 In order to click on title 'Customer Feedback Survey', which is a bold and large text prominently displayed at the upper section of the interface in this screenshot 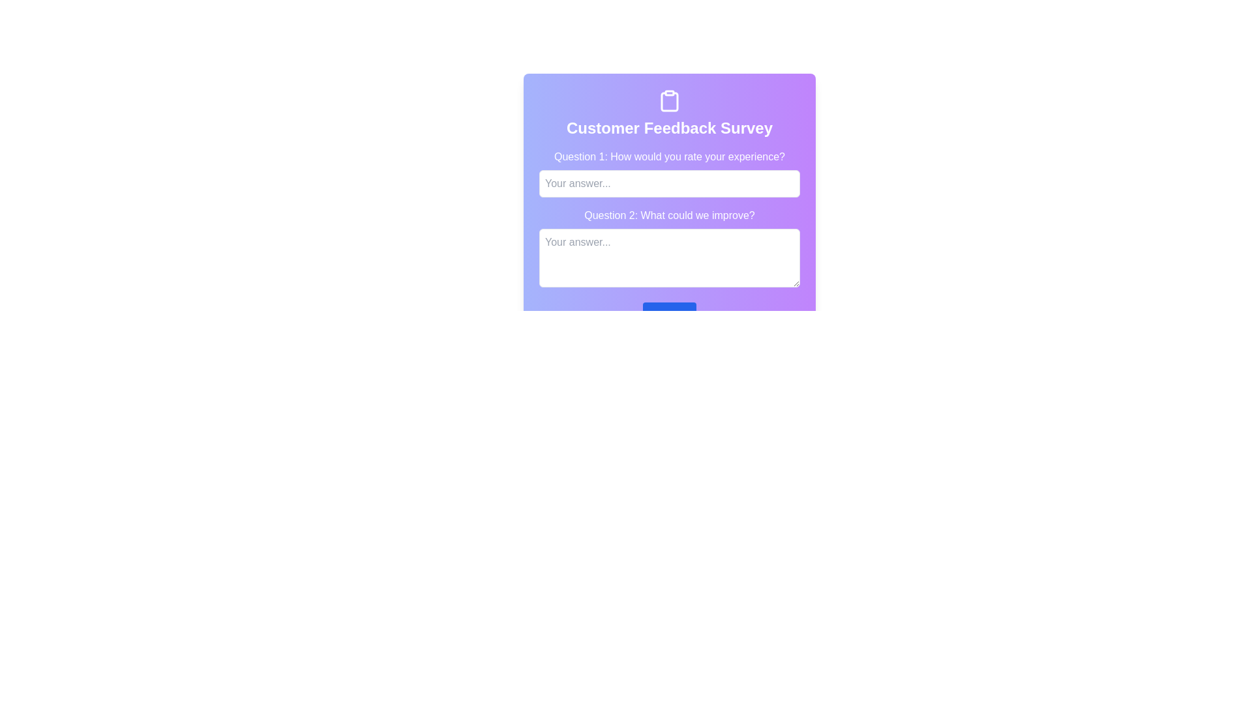, I will do `click(670, 128)`.